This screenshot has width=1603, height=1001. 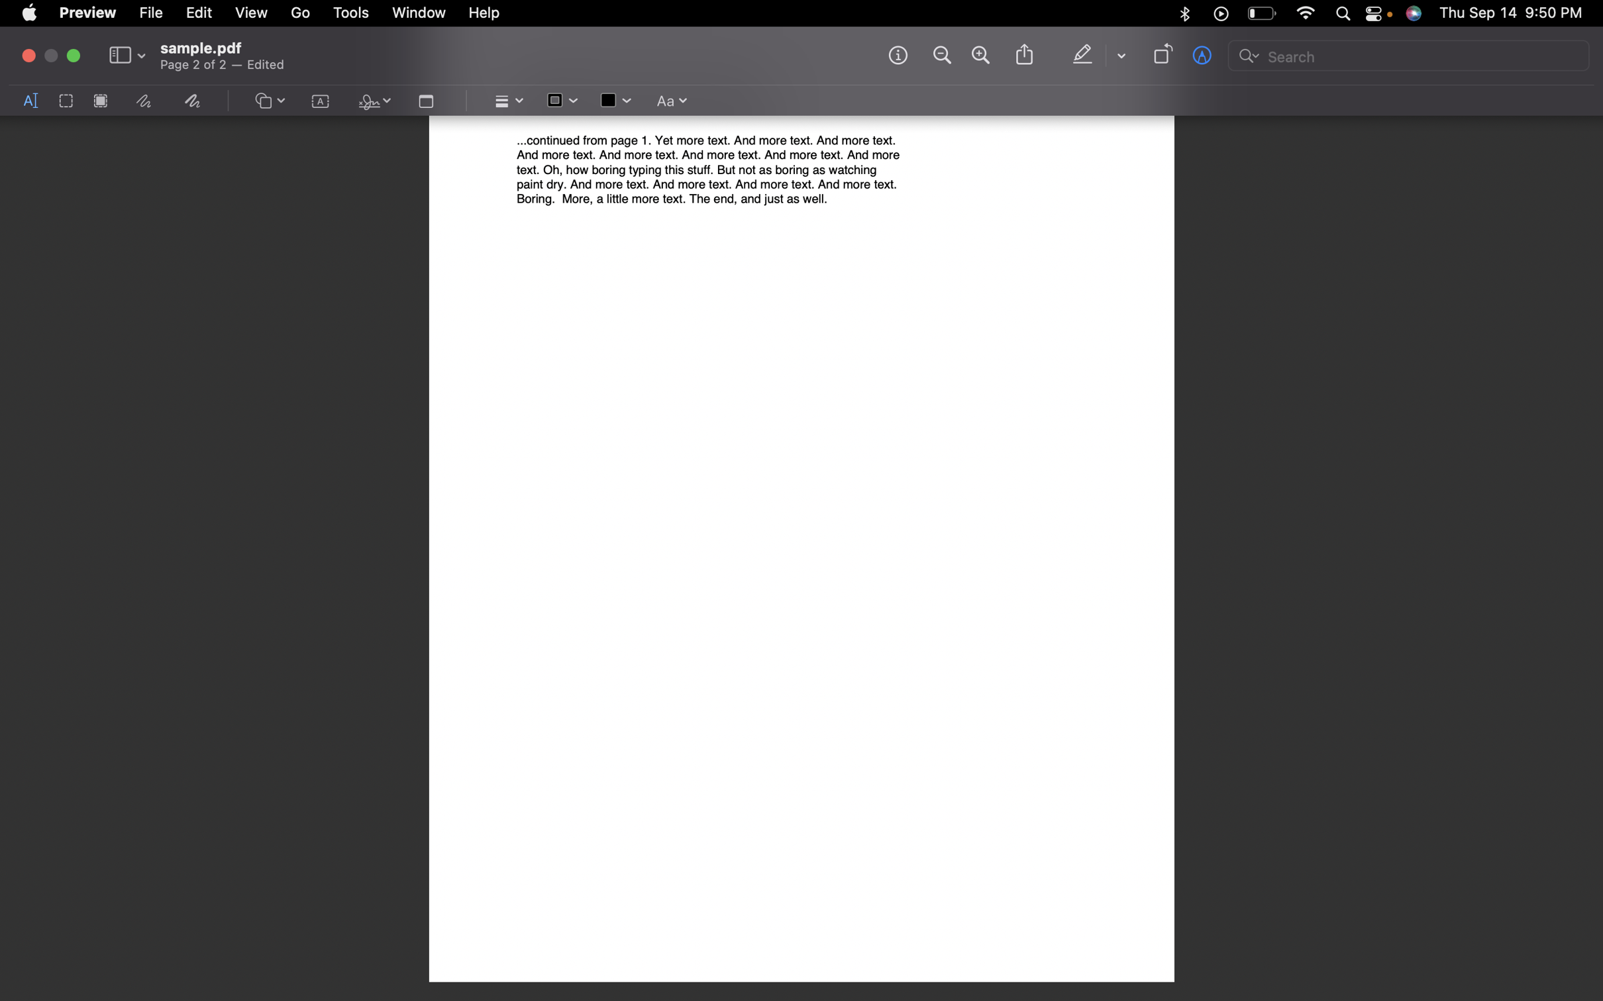 I want to click on the text panel, so click(x=321, y=102).